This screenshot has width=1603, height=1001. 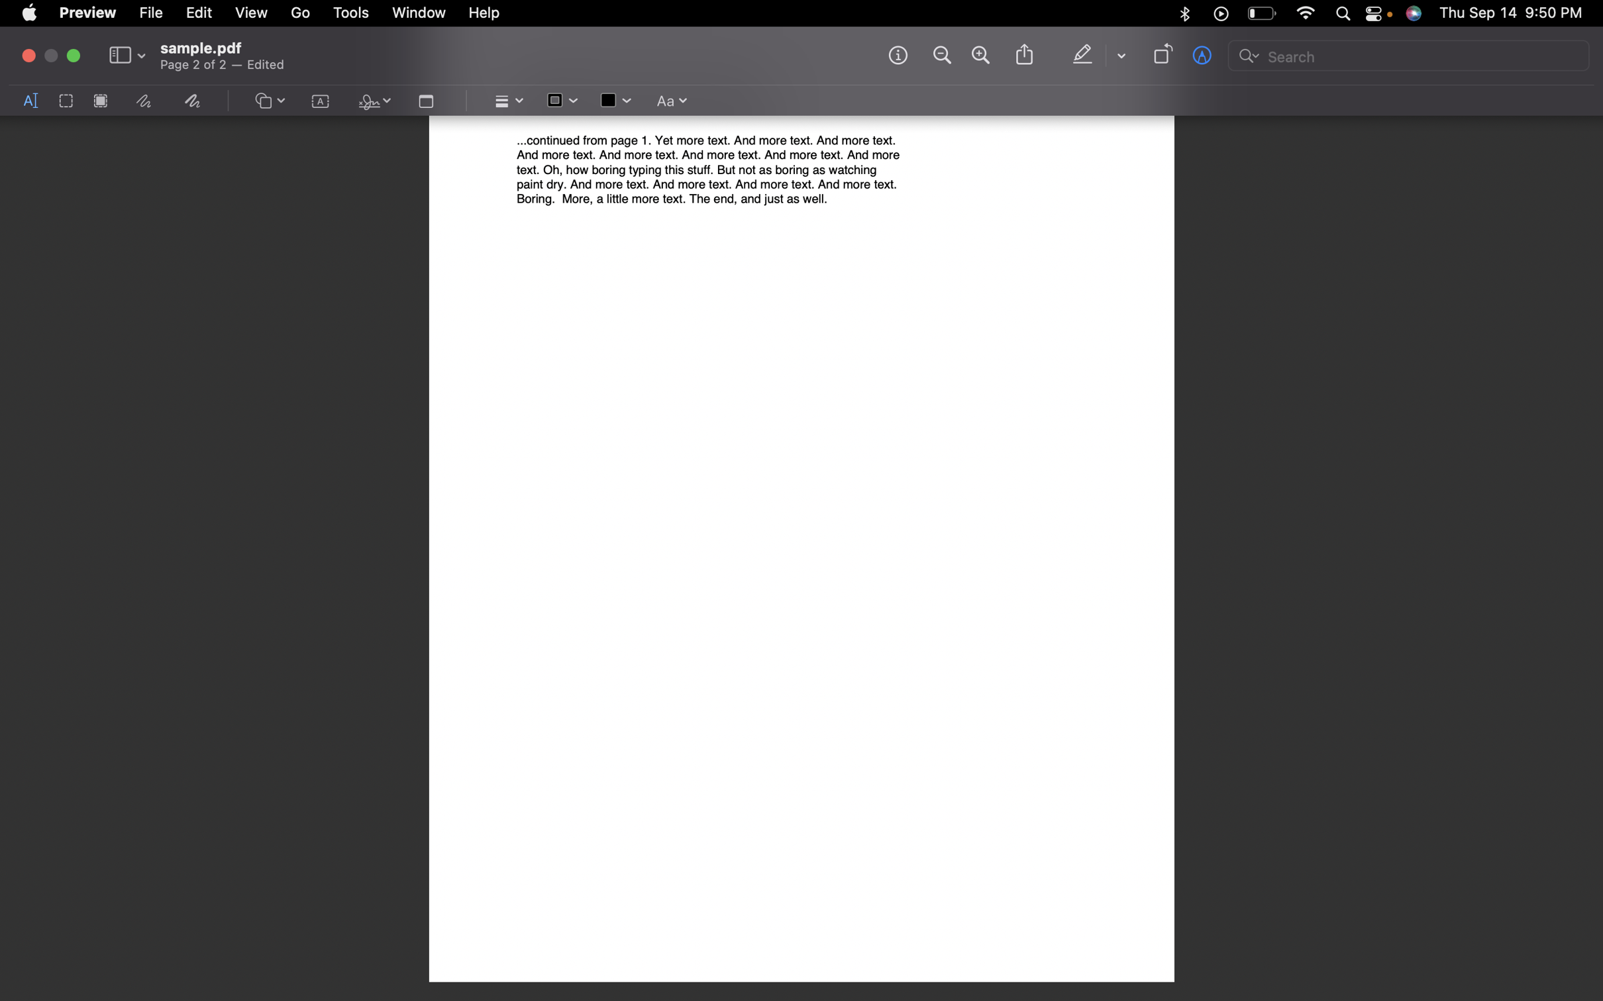 I want to click on the text panel, so click(x=321, y=102).